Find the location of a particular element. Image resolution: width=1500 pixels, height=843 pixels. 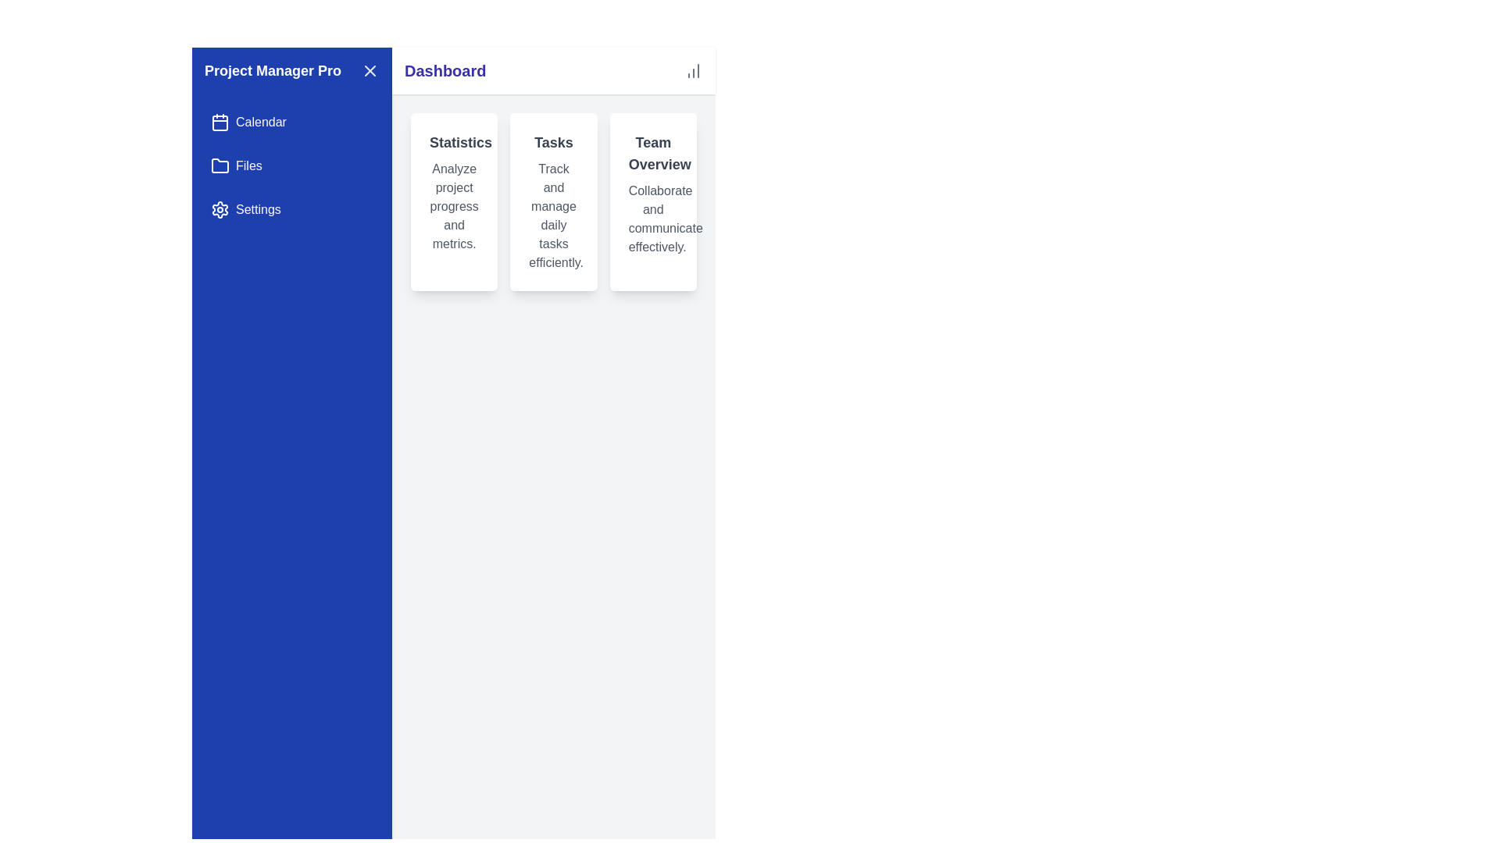

the folder icon representing the 'Files' section located in the left-hand vertical navigation bar, which is the second icon in the list is located at coordinates (220, 165).